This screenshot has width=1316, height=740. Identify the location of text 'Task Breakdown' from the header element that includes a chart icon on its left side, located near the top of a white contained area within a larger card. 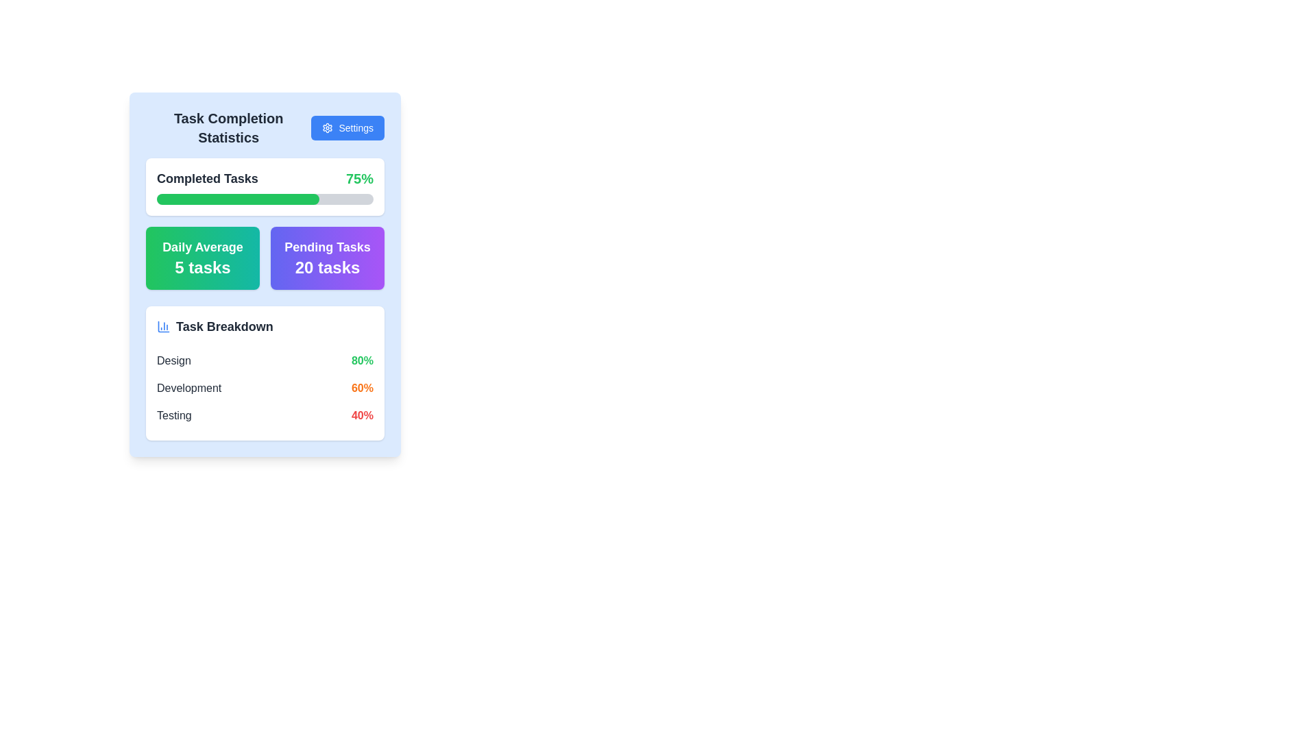
(265, 327).